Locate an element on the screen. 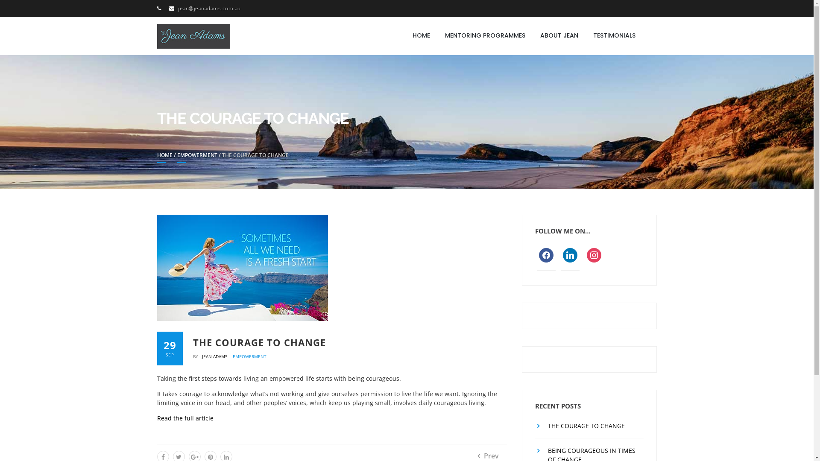 The width and height of the screenshot is (820, 461). 'MENTORING PROGRAMMES' is located at coordinates (485, 35).